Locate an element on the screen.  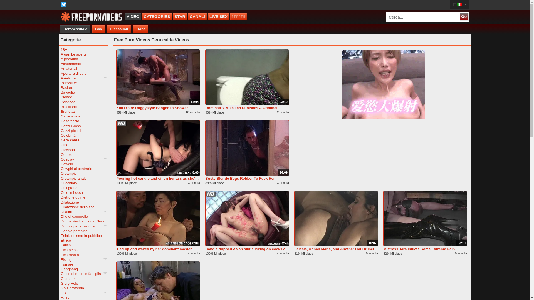
'Asiatiche' is located at coordinates (83, 78).